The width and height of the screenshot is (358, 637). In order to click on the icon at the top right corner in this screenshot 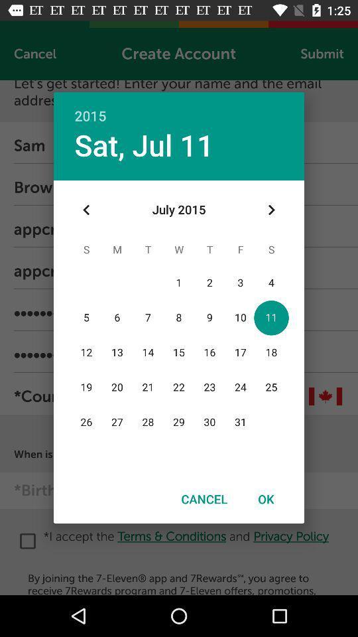, I will do `click(270, 210)`.